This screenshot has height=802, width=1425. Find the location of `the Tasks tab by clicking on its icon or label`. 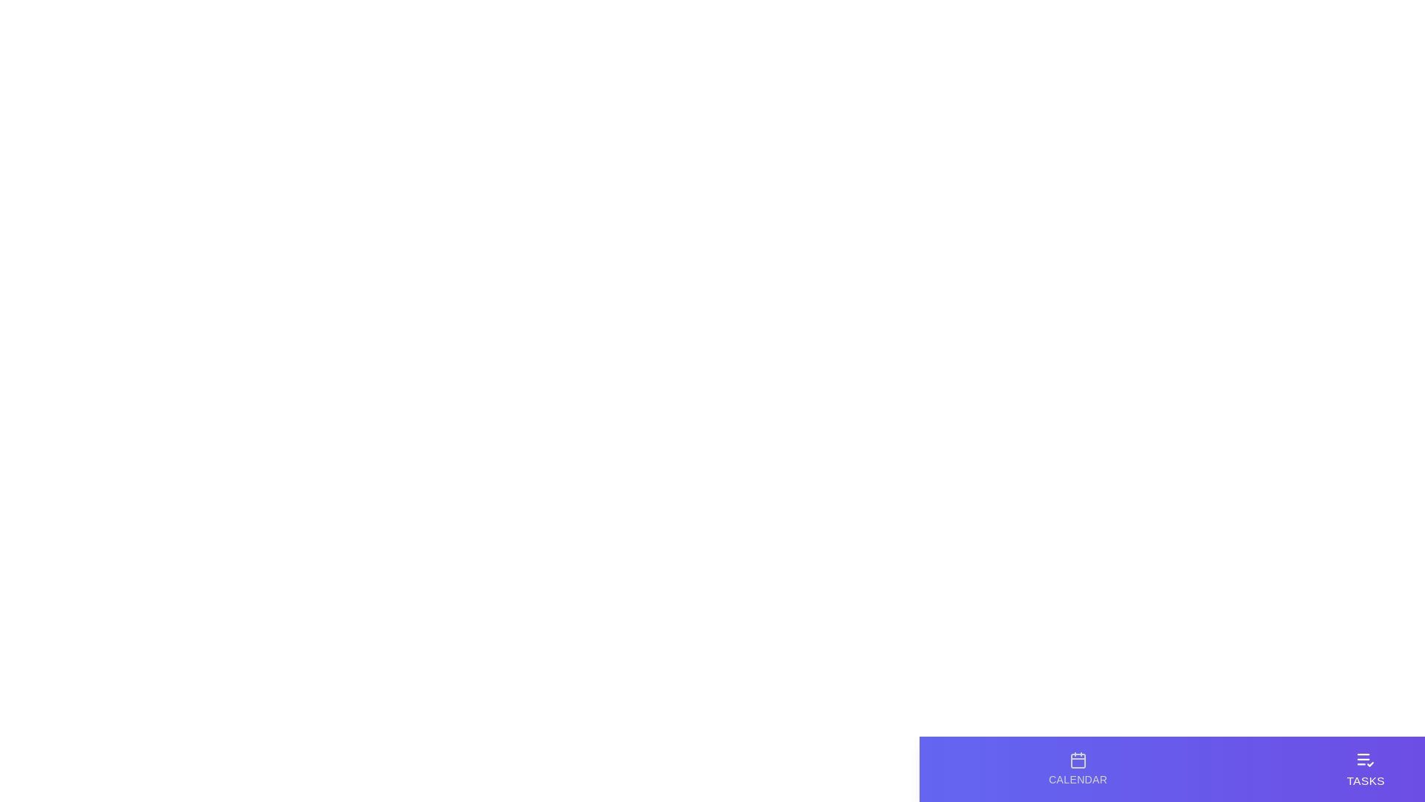

the Tasks tab by clicking on its icon or label is located at coordinates (1365, 769).